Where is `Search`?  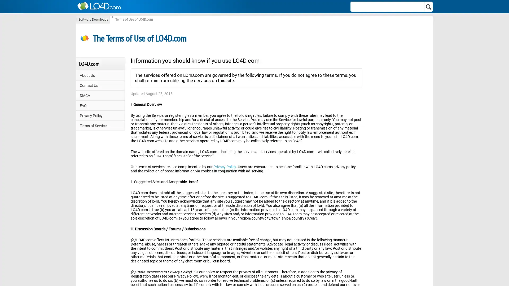 Search is located at coordinates (429, 6).